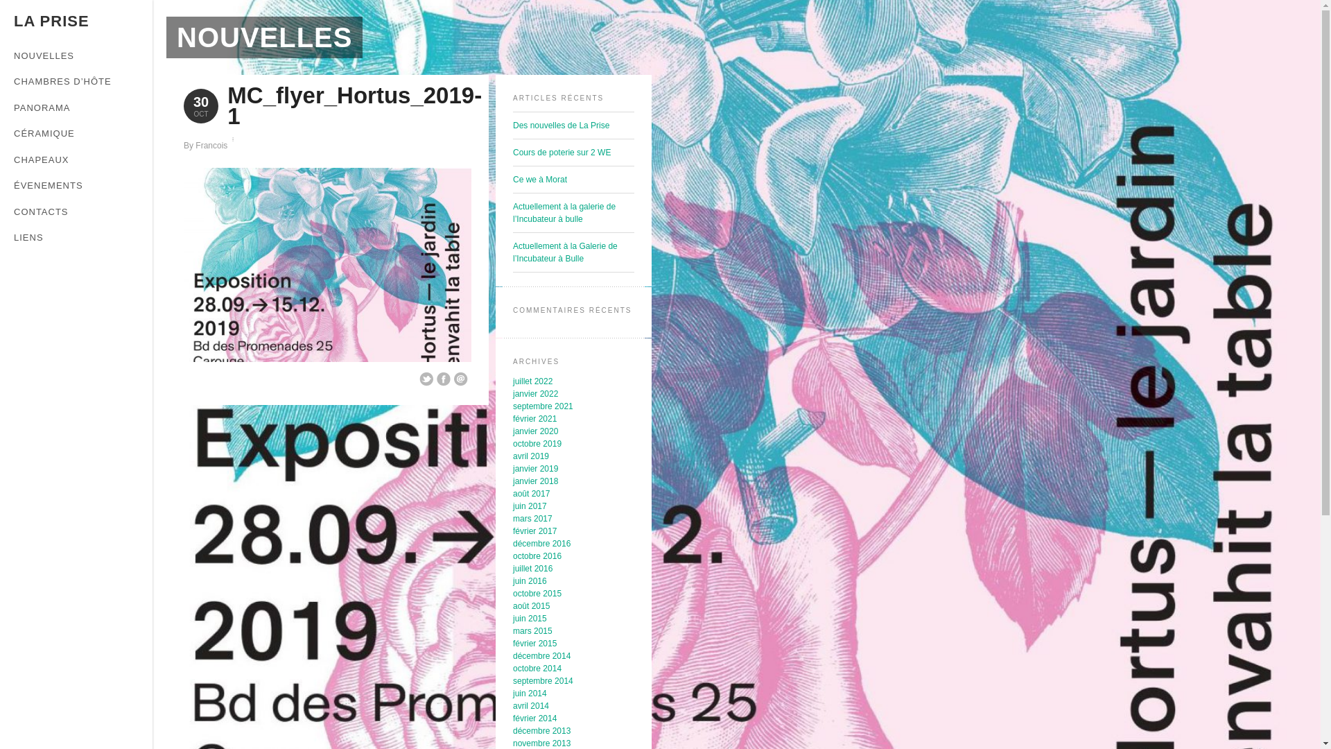 Image resolution: width=1331 pixels, height=749 pixels. I want to click on 'mars 2015', so click(532, 631).